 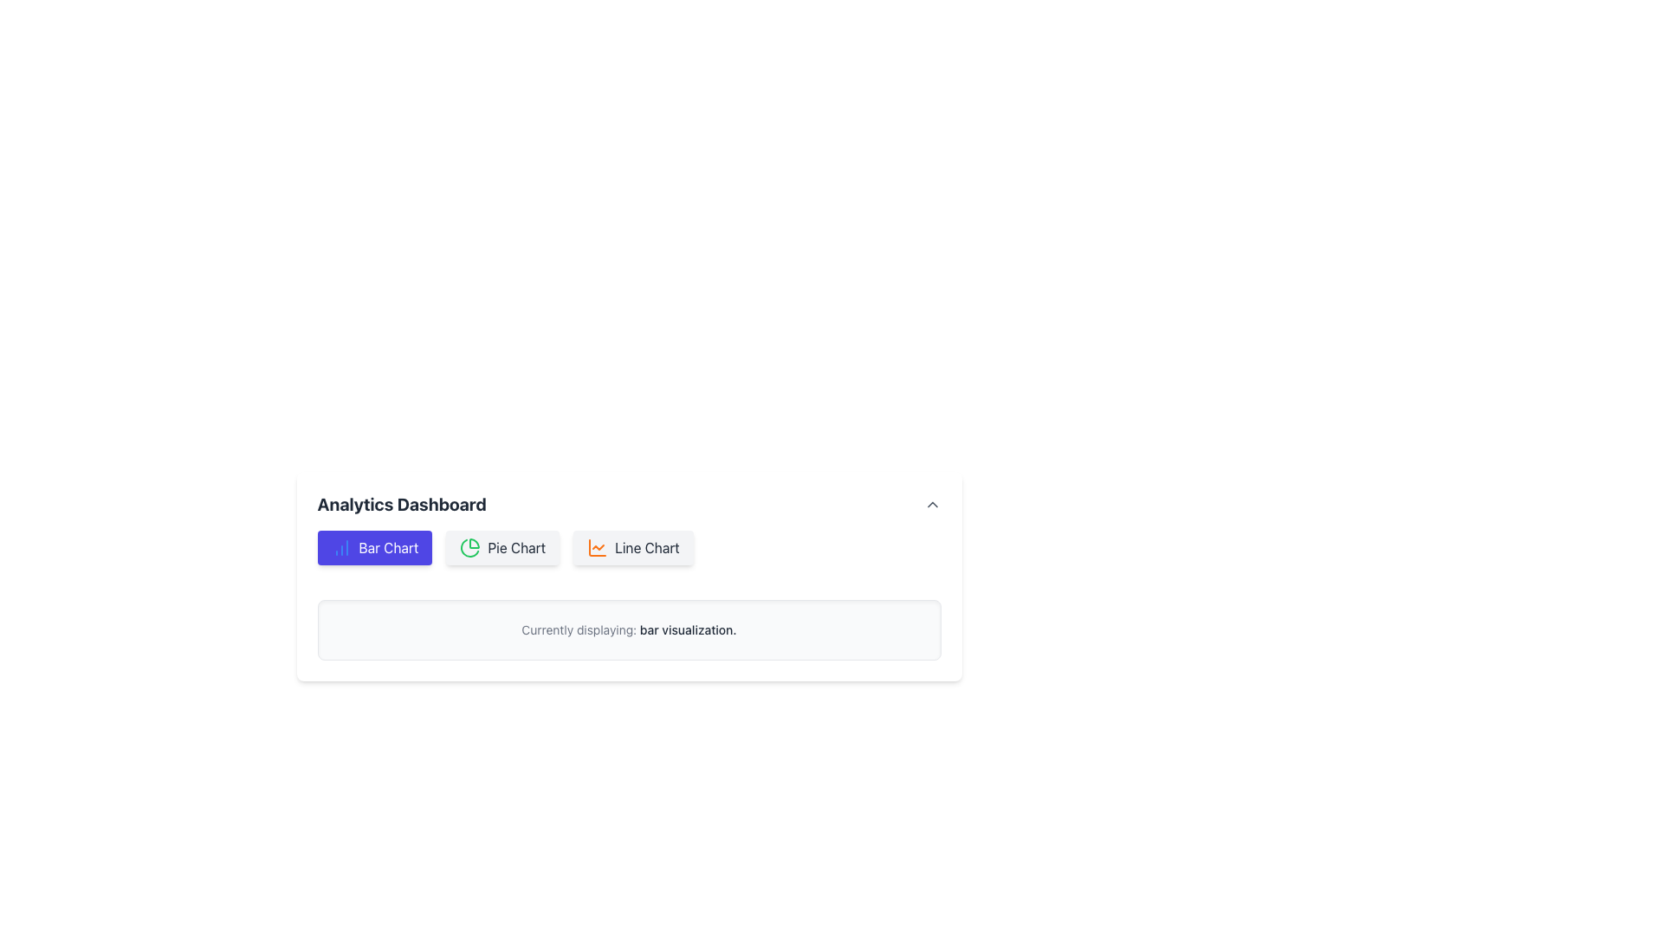 What do you see at coordinates (628, 630) in the screenshot?
I see `the informational text label that displays the currently selected visualization type, located below the chart type buttons` at bounding box center [628, 630].